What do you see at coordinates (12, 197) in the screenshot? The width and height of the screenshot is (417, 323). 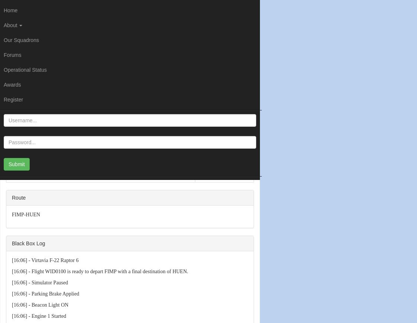 I see `'Route'` at bounding box center [12, 197].